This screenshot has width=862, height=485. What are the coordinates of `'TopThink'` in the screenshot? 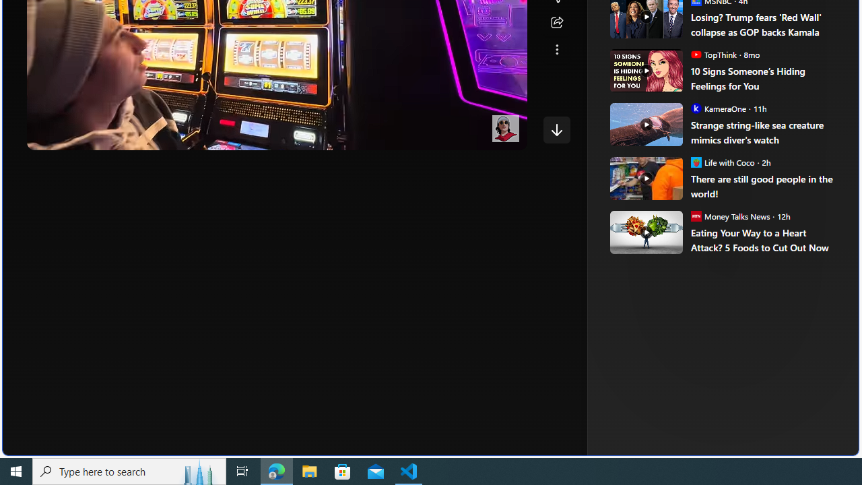 It's located at (696, 53).